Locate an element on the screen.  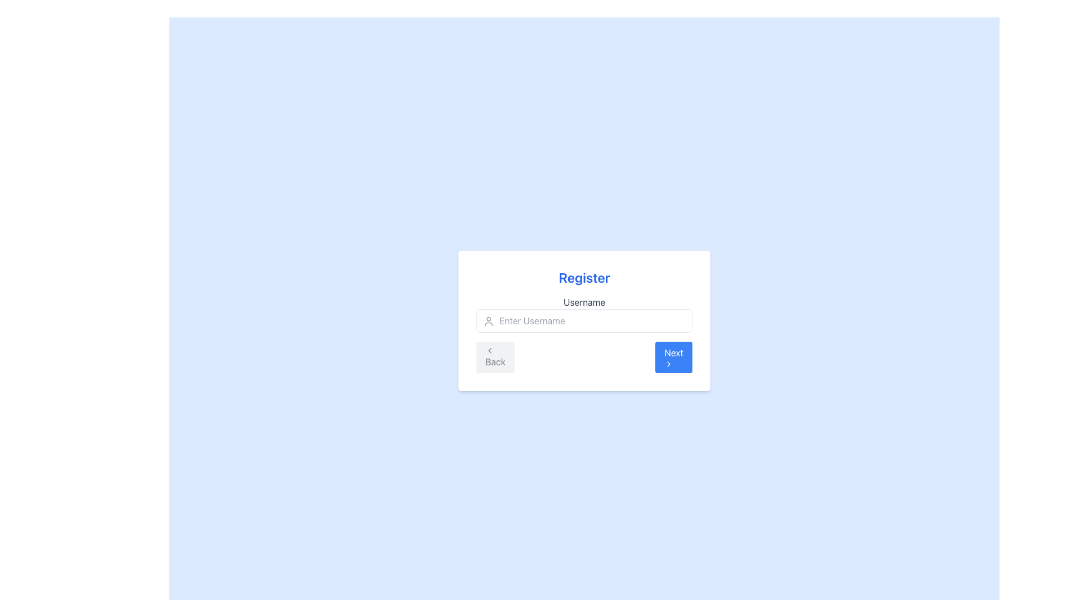
the 'Next' button that contains the rightward-facing chevron icon located in the bottom-right corner of the registration dialog is located at coordinates (669, 364).